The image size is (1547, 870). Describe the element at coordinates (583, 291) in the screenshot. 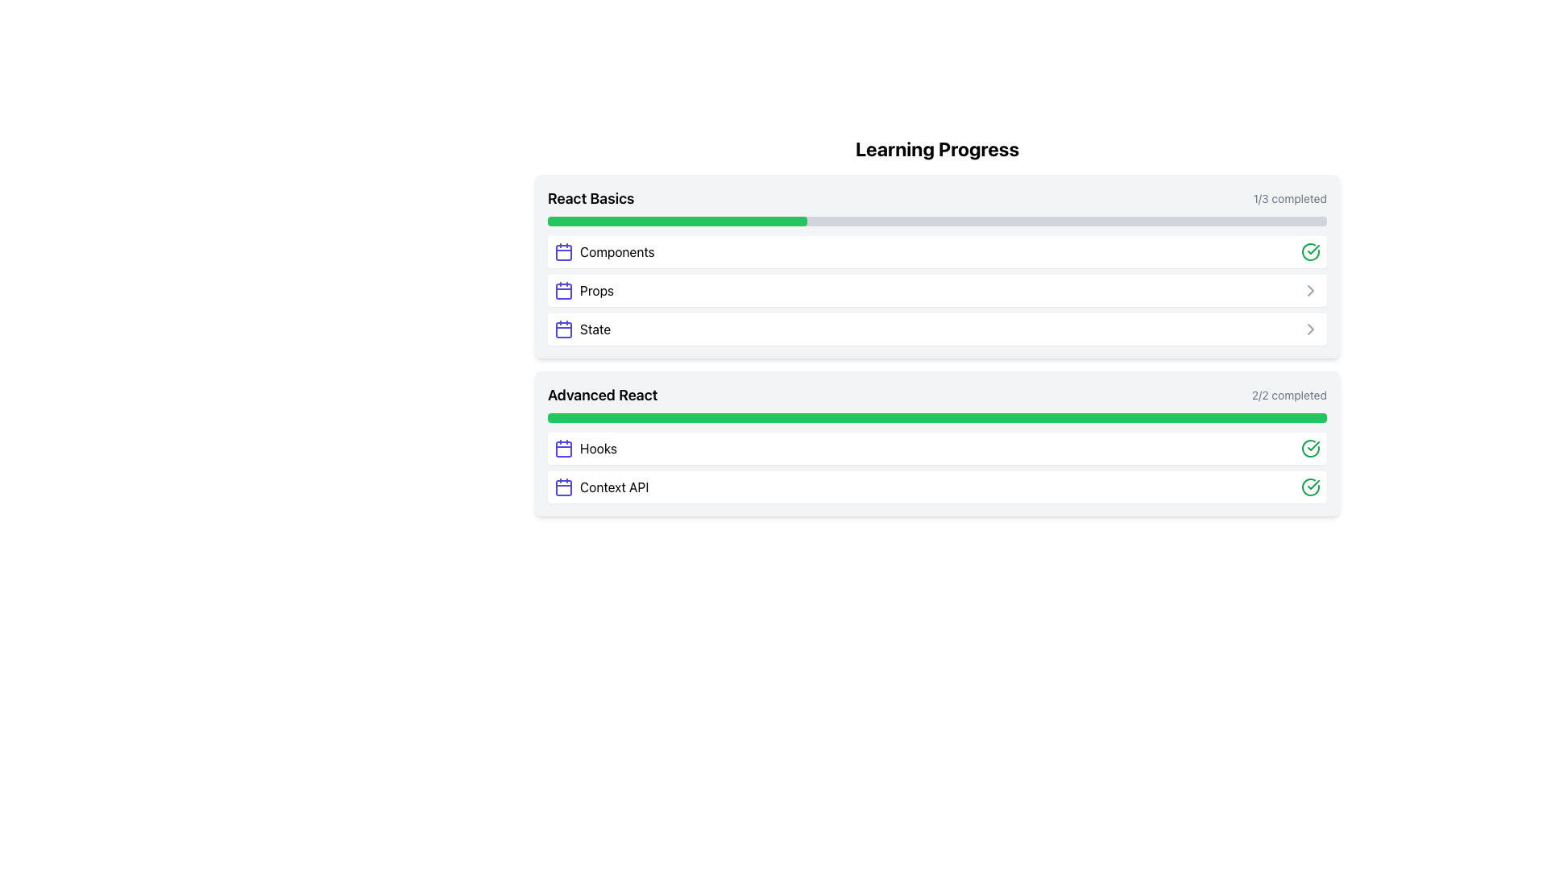

I see `the 'Props' list item, which is the second item in the 'React Basics' section, featuring a blue calendar icon to the left of the label` at that location.